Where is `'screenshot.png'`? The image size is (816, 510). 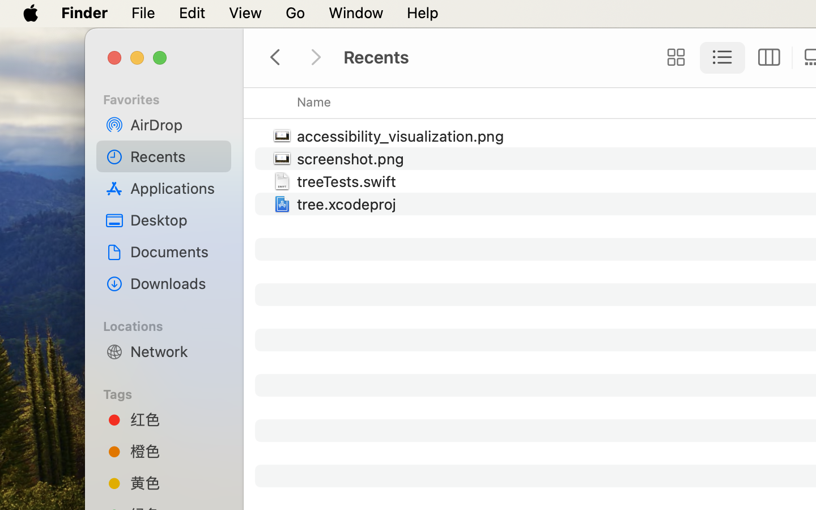 'screenshot.png' is located at coordinates (352, 158).